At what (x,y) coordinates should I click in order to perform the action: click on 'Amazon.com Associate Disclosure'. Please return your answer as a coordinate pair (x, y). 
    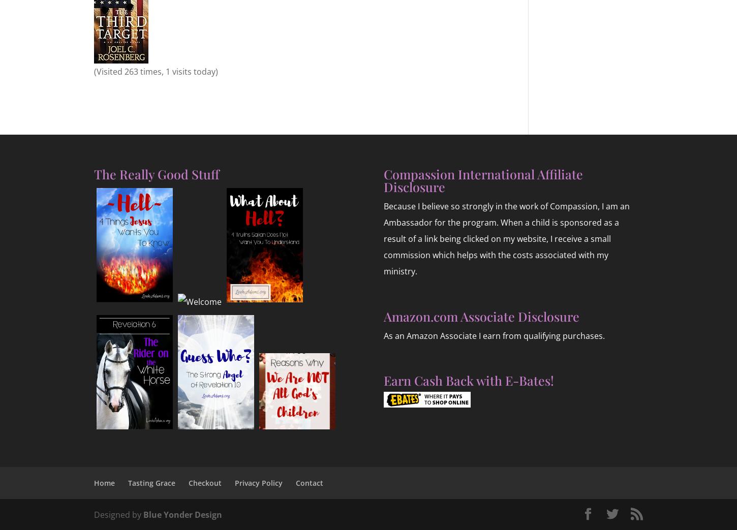
    Looking at the image, I should click on (383, 315).